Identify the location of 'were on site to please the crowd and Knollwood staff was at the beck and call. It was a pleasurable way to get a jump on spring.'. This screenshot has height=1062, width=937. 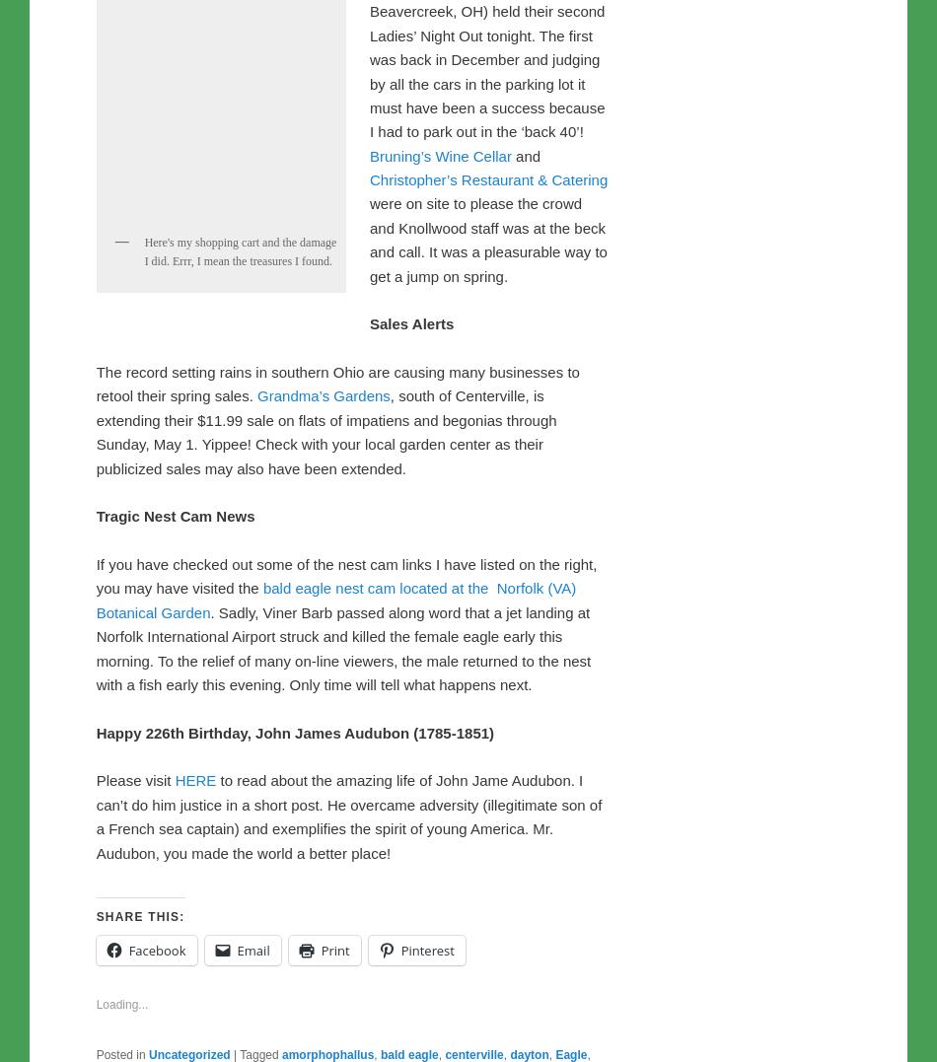
(368, 653).